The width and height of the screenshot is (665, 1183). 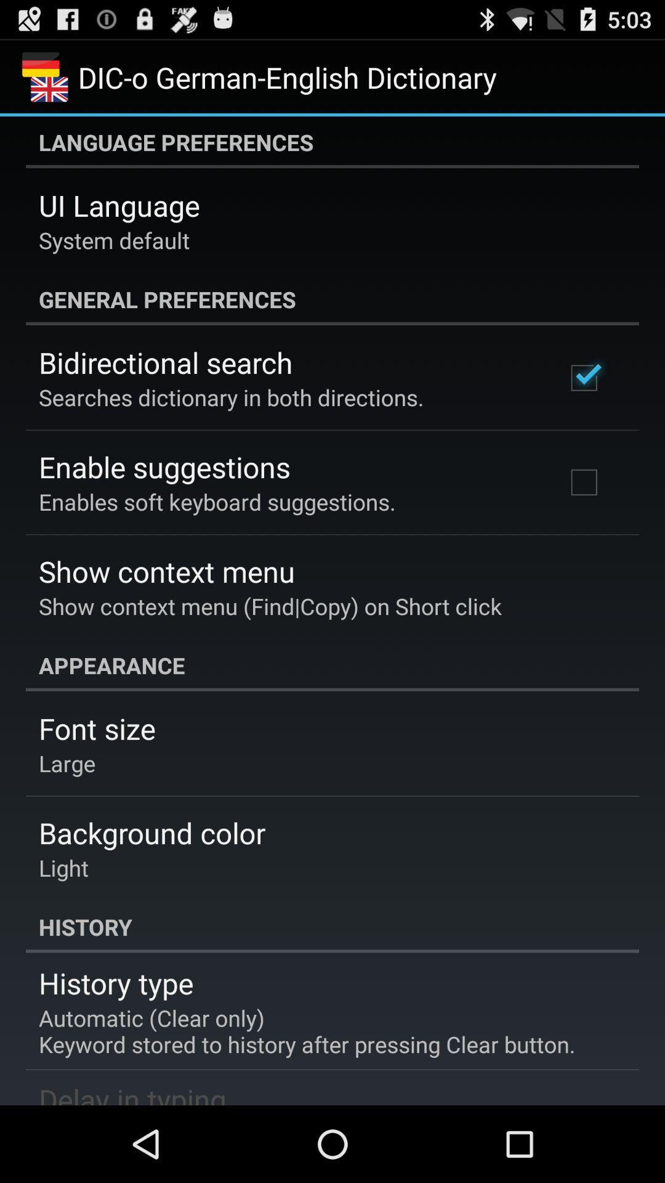 I want to click on the app above ui language icon, so click(x=332, y=142).